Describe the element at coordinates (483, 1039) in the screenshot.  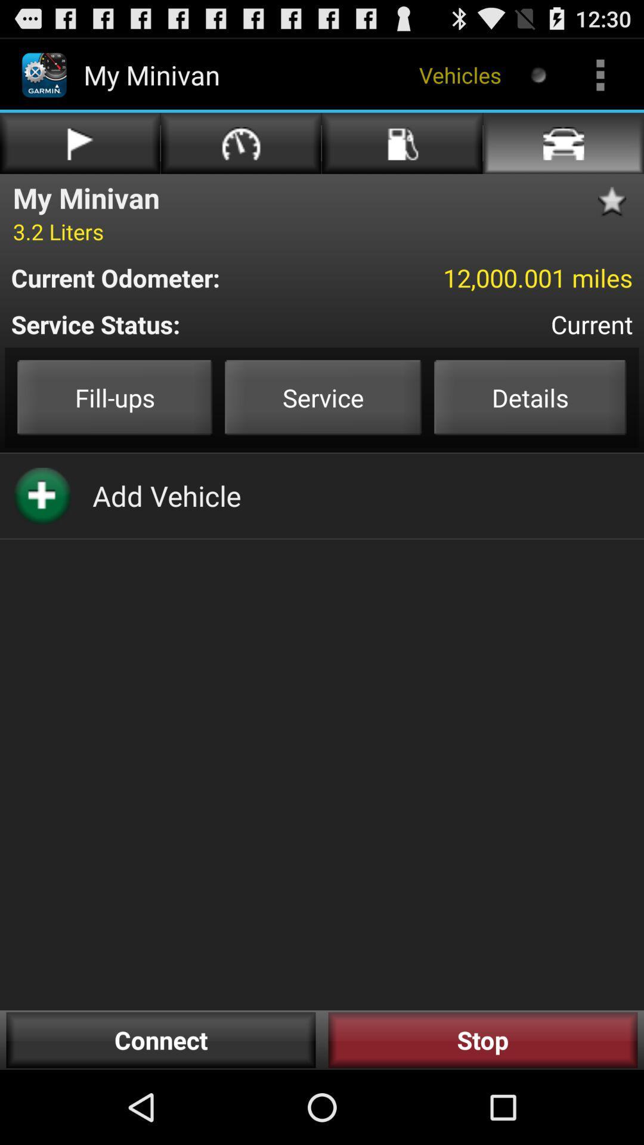
I see `the button next to the connect button` at that location.